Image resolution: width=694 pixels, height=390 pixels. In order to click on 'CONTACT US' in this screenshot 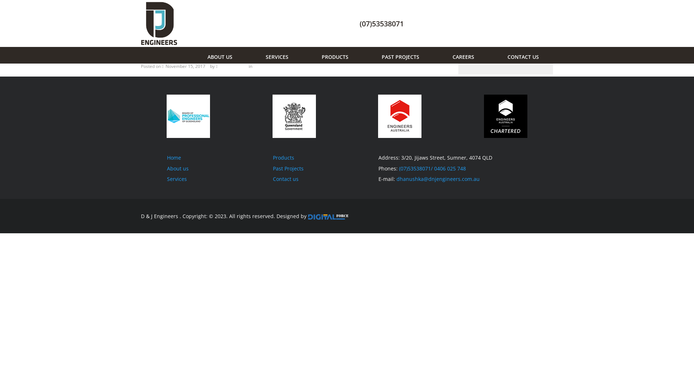, I will do `click(521, 55)`.